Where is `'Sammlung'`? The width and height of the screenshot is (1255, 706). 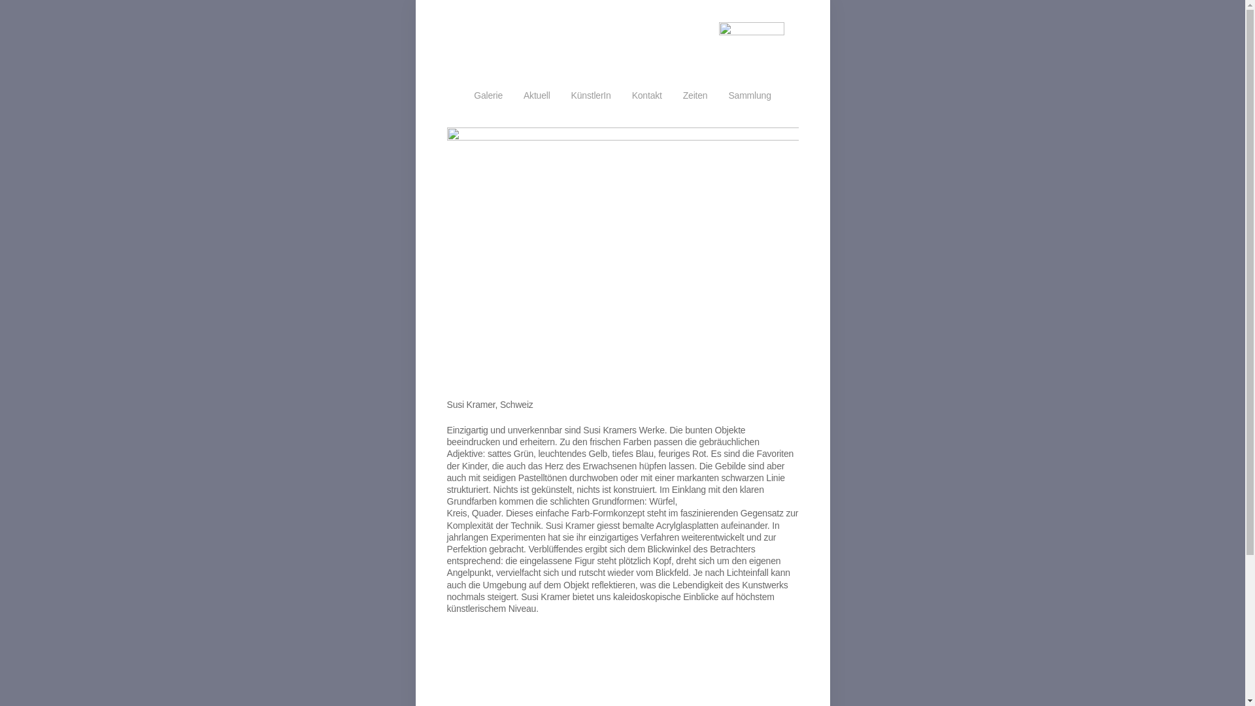 'Sammlung' is located at coordinates (749, 95).